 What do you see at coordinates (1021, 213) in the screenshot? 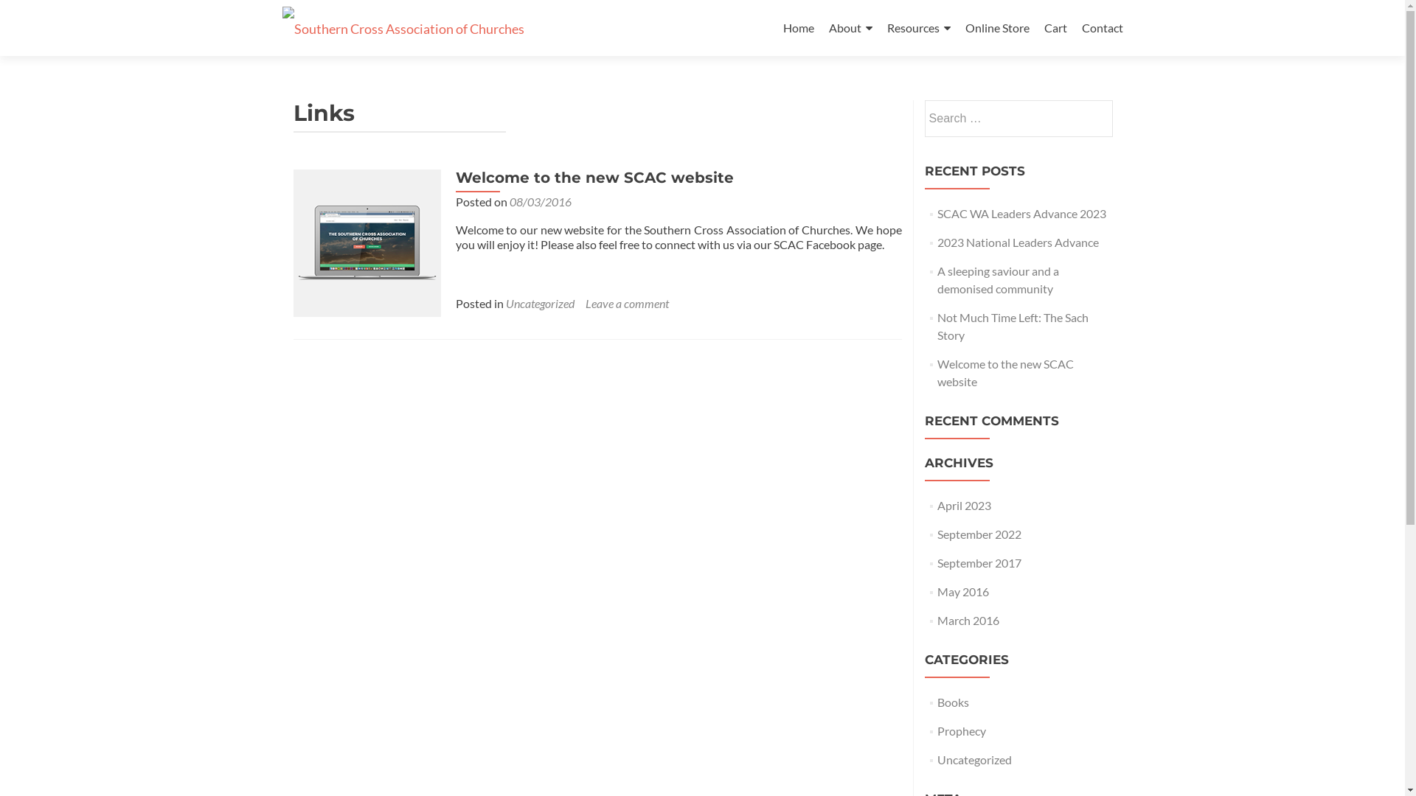
I see `'SCAC WA Leaders Advance 2023'` at bounding box center [1021, 213].